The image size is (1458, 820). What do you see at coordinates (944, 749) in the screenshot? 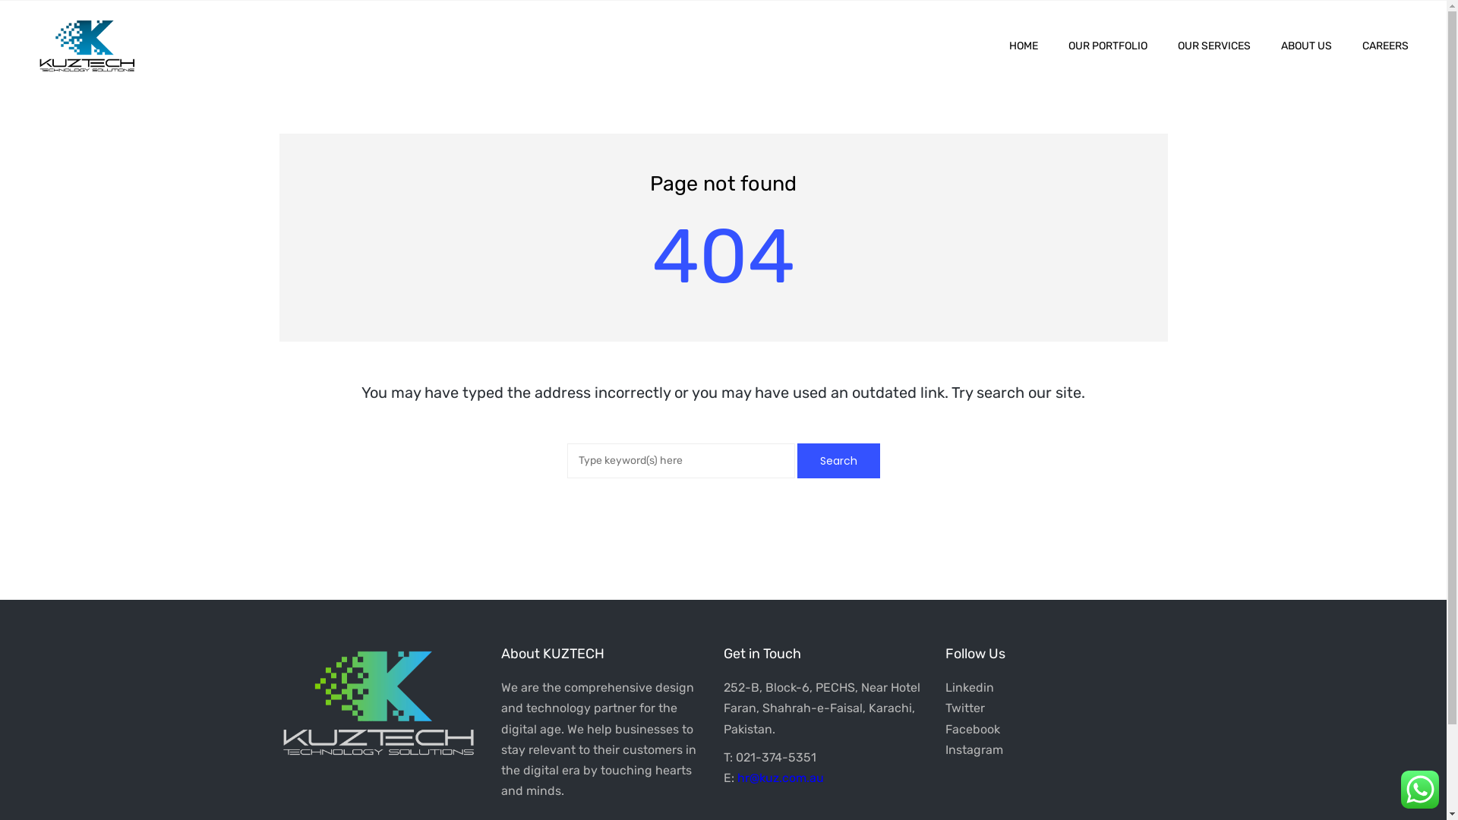
I see `'Instagram'` at bounding box center [944, 749].